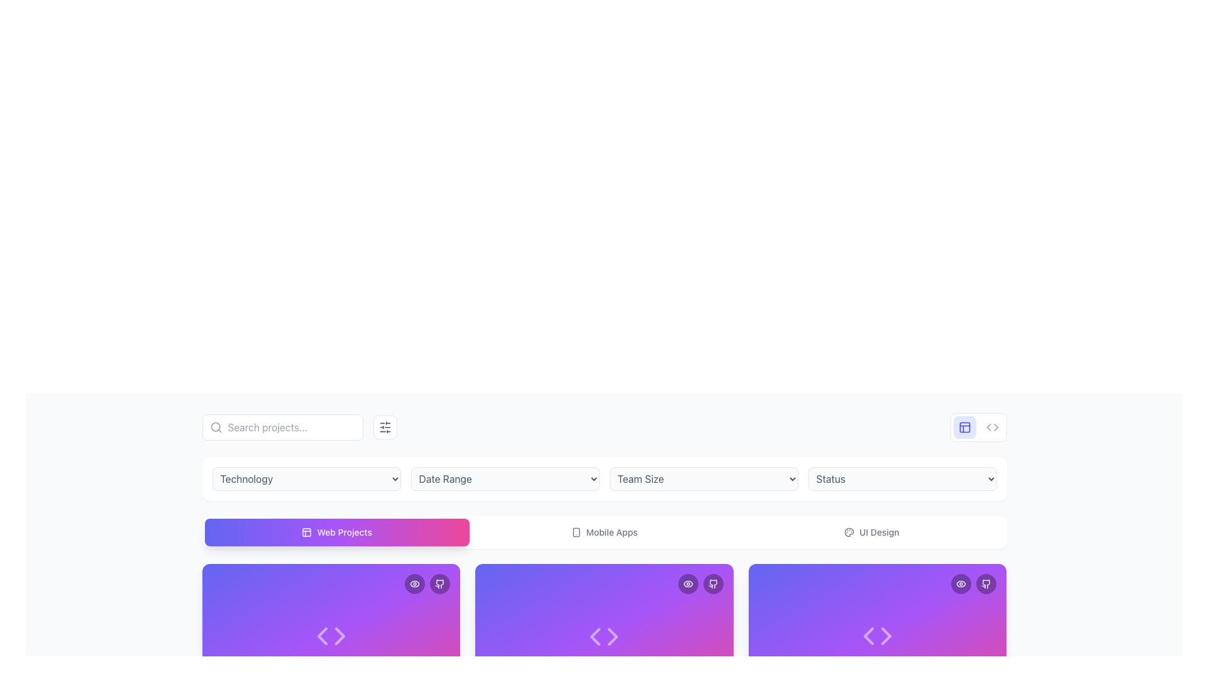 Image resolution: width=1207 pixels, height=679 pixels. Describe the element at coordinates (505, 479) in the screenshot. I see `the 'Date Range' dropdown menu` at that location.